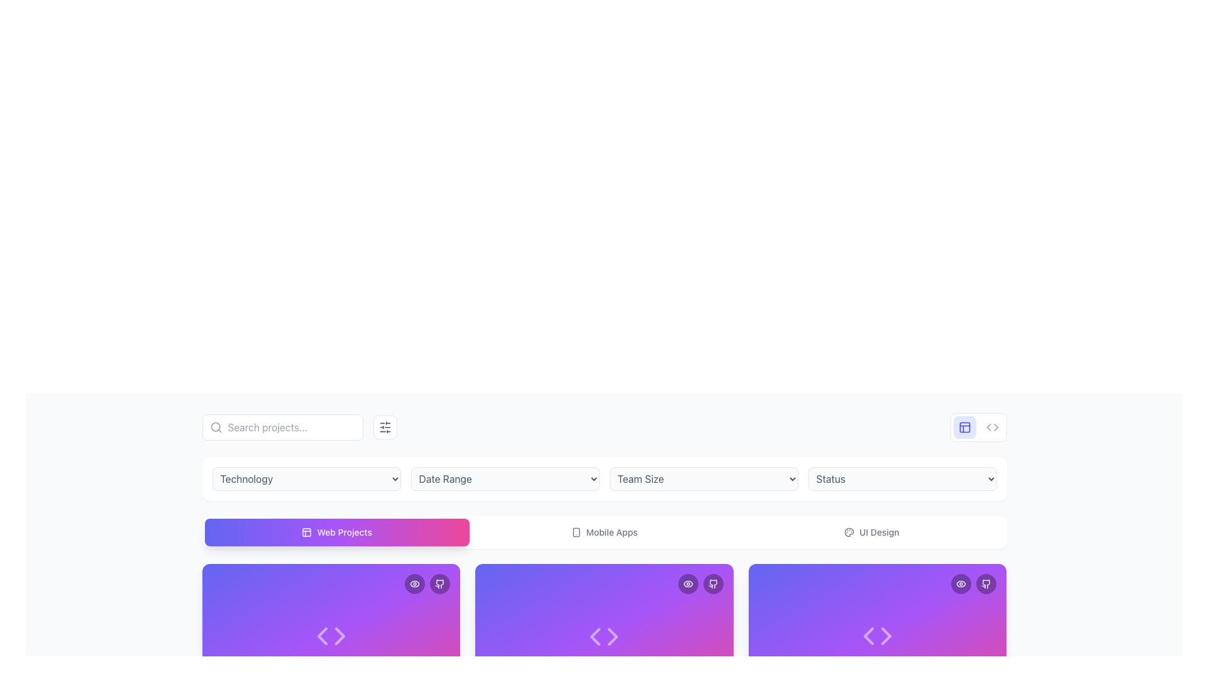 Image resolution: width=1207 pixels, height=679 pixels. Describe the element at coordinates (505, 479) in the screenshot. I see `the 'Date Range' dropdown menu` at that location.